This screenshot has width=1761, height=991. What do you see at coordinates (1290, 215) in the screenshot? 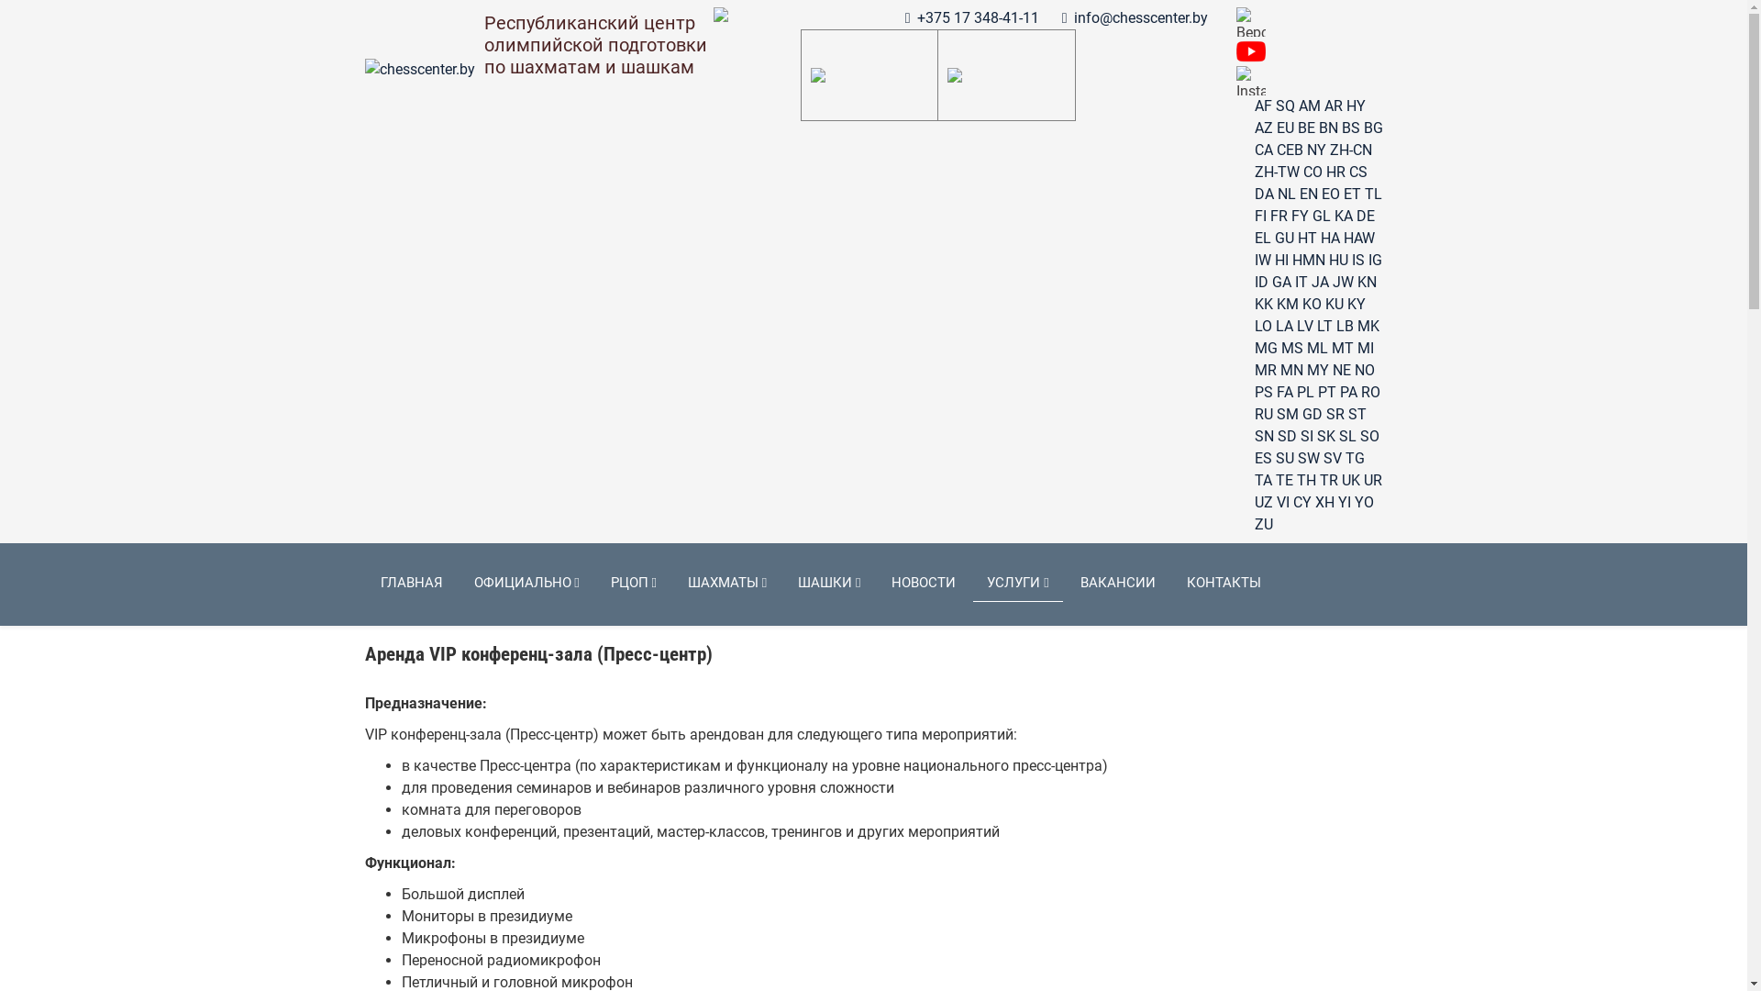
I see `'FY'` at bounding box center [1290, 215].